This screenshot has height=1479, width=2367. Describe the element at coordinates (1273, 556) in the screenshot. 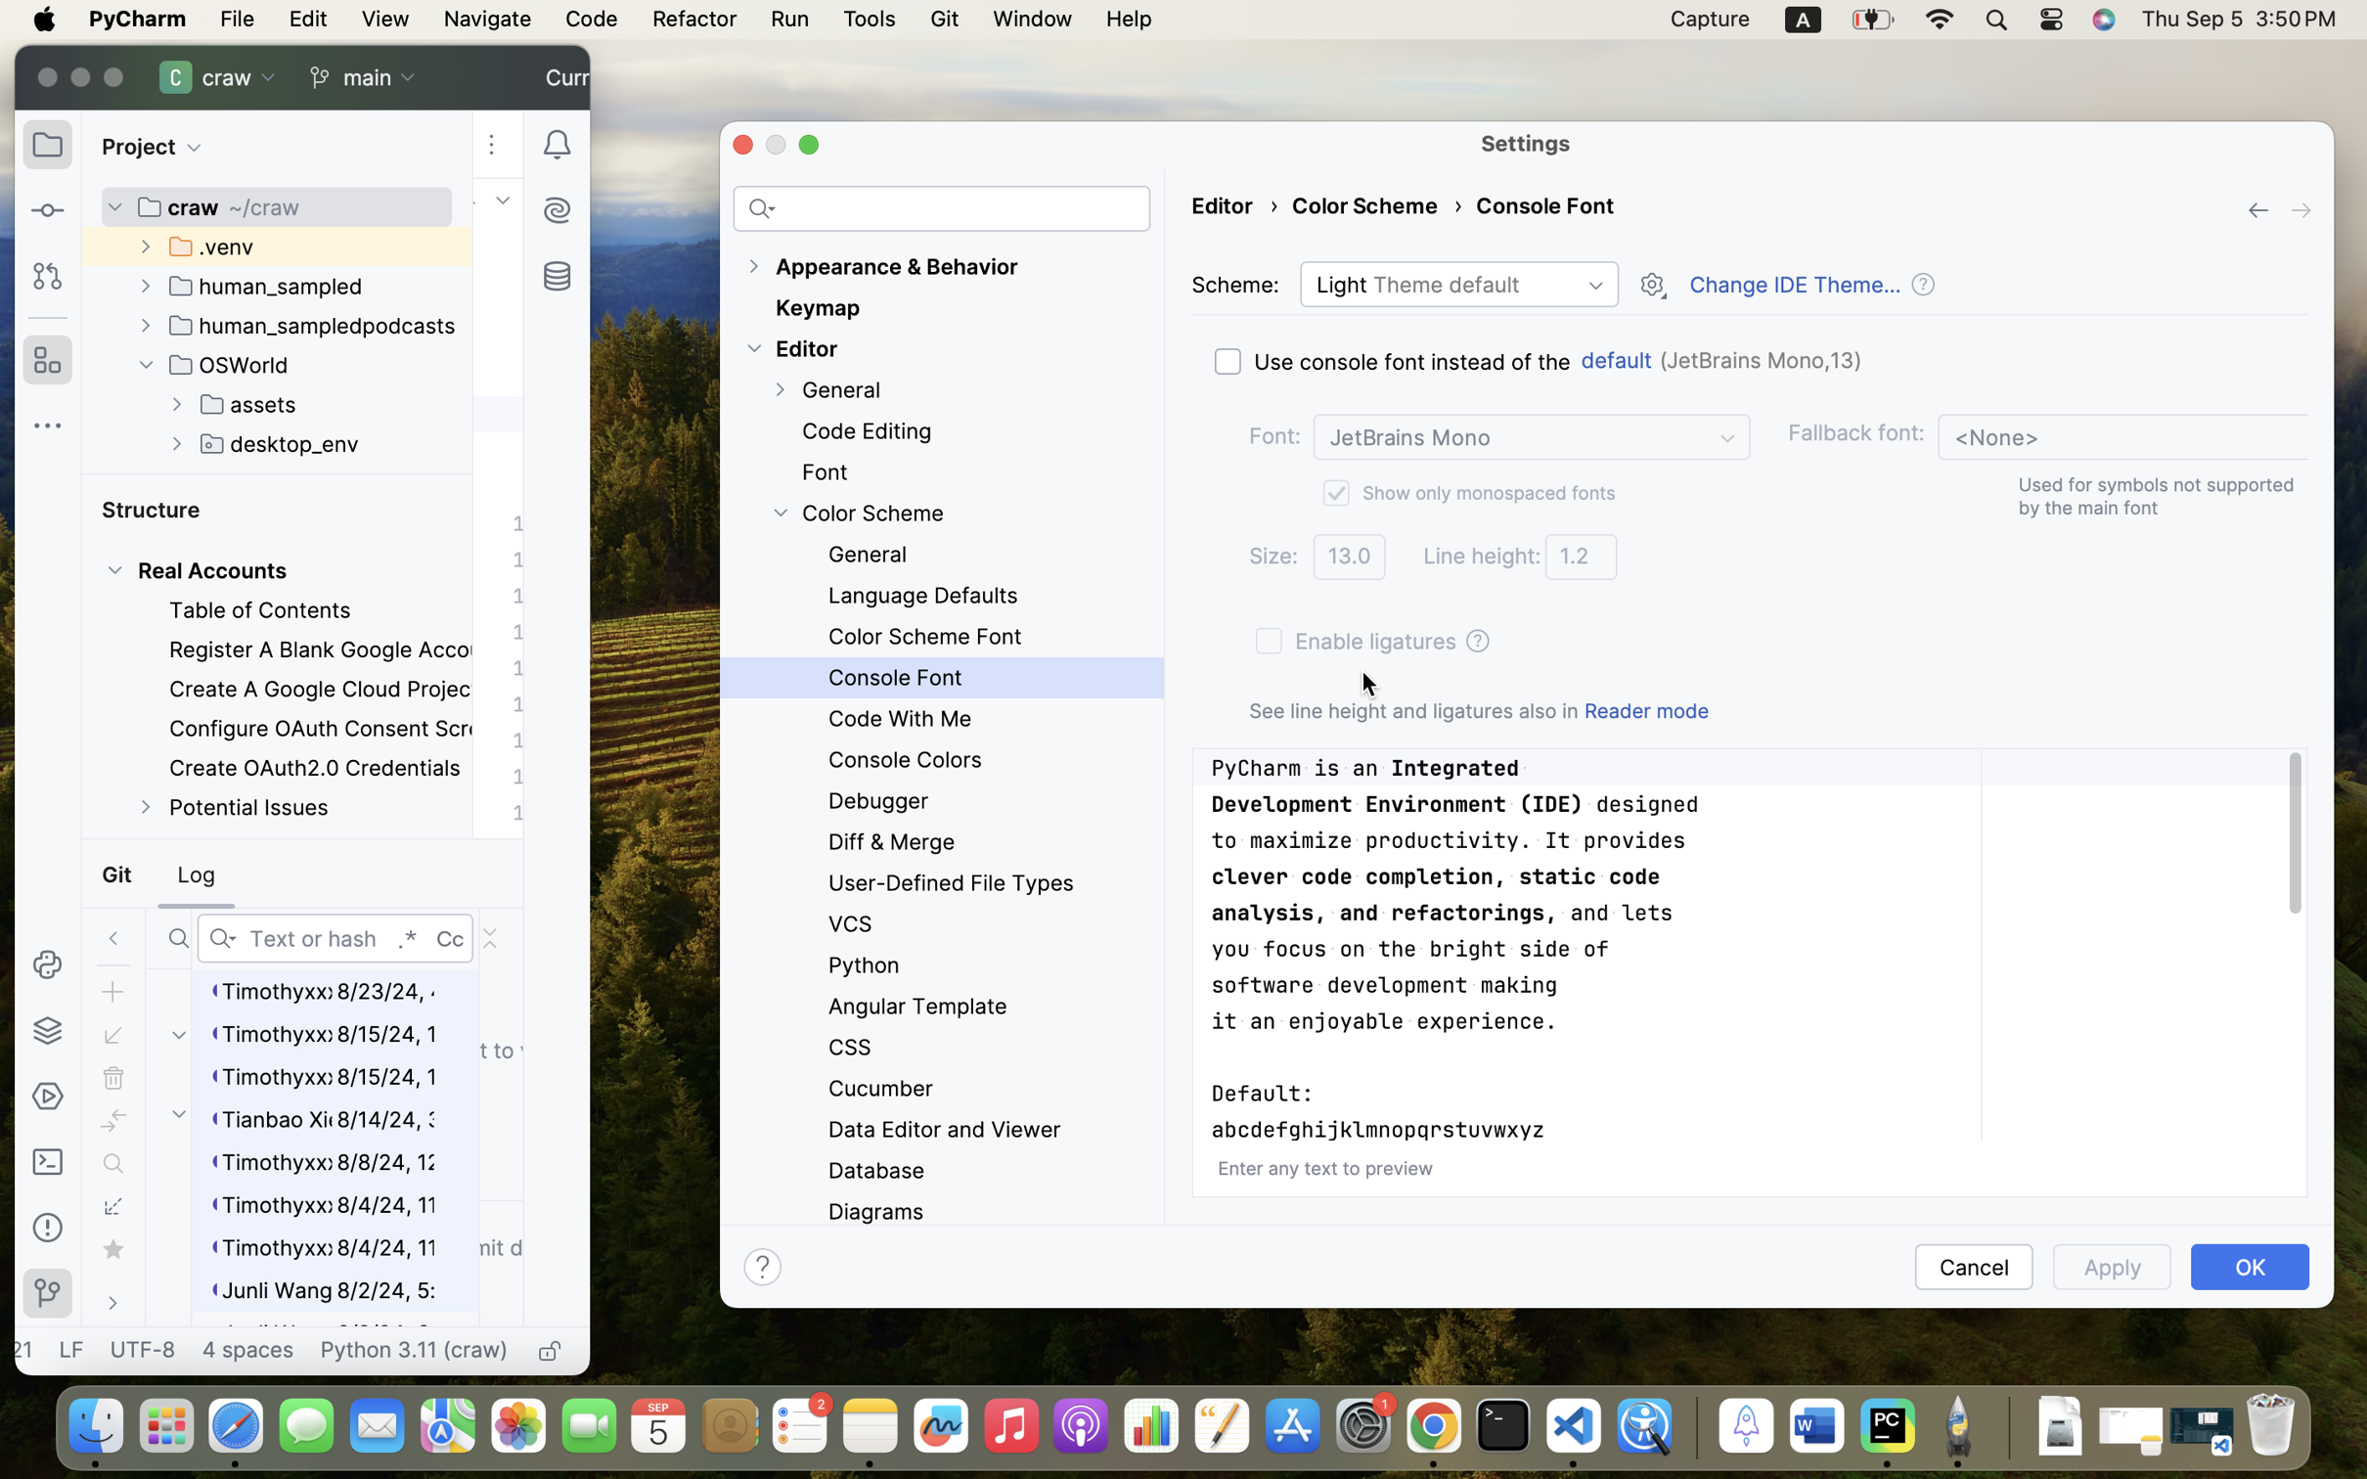

I see `'Size:'` at that location.